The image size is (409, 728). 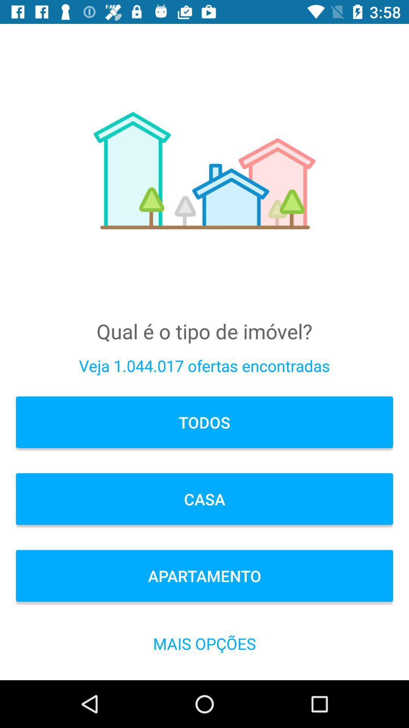 I want to click on the todos, so click(x=204, y=422).